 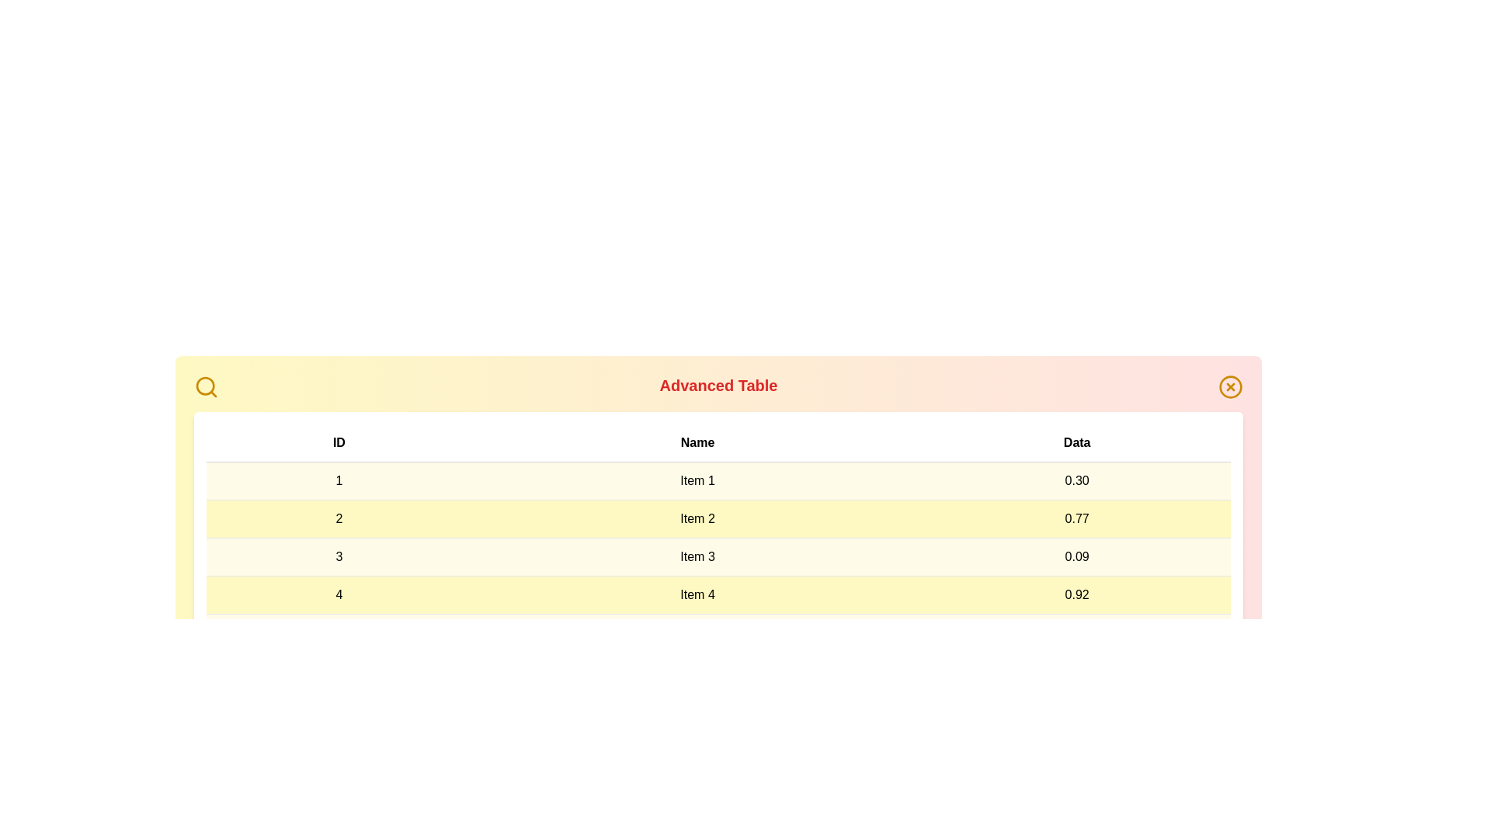 What do you see at coordinates (718, 518) in the screenshot?
I see `the row corresponding to 2` at bounding box center [718, 518].